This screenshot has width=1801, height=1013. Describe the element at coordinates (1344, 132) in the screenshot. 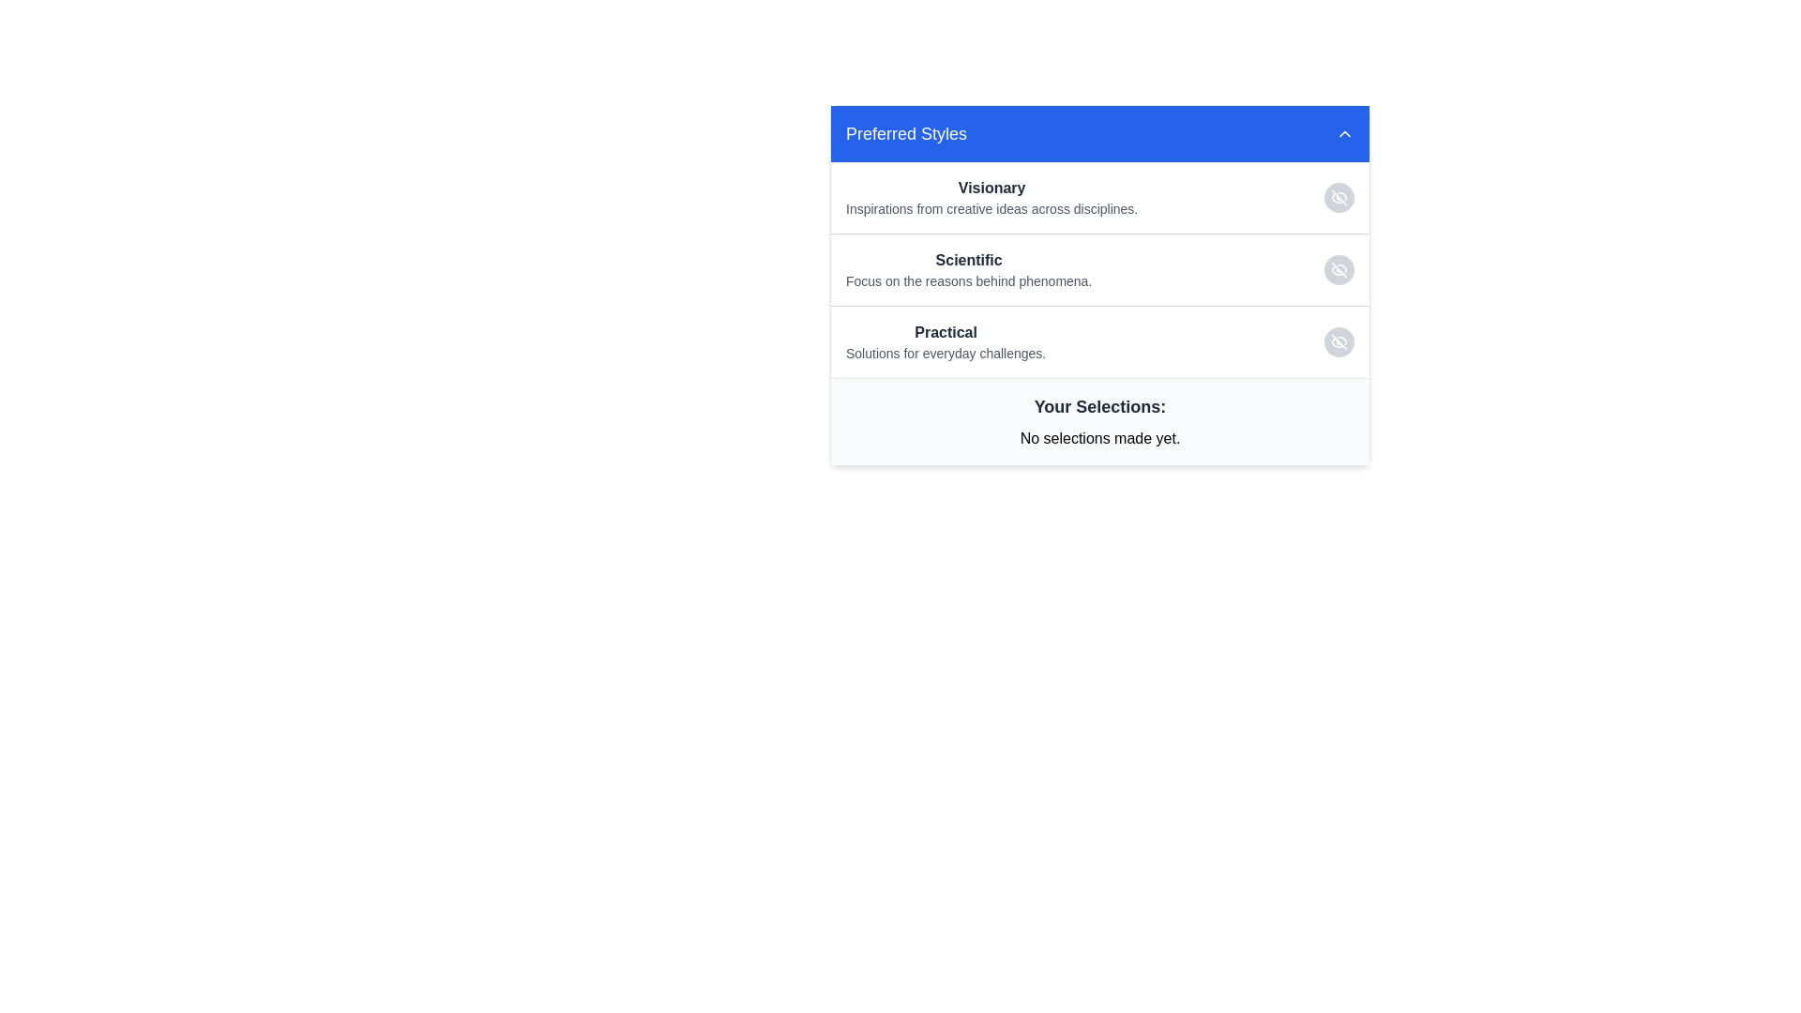

I see `the upward-pointing chevron SVG icon located at the far-right end of the 'Preferred Styles' header bar` at that location.